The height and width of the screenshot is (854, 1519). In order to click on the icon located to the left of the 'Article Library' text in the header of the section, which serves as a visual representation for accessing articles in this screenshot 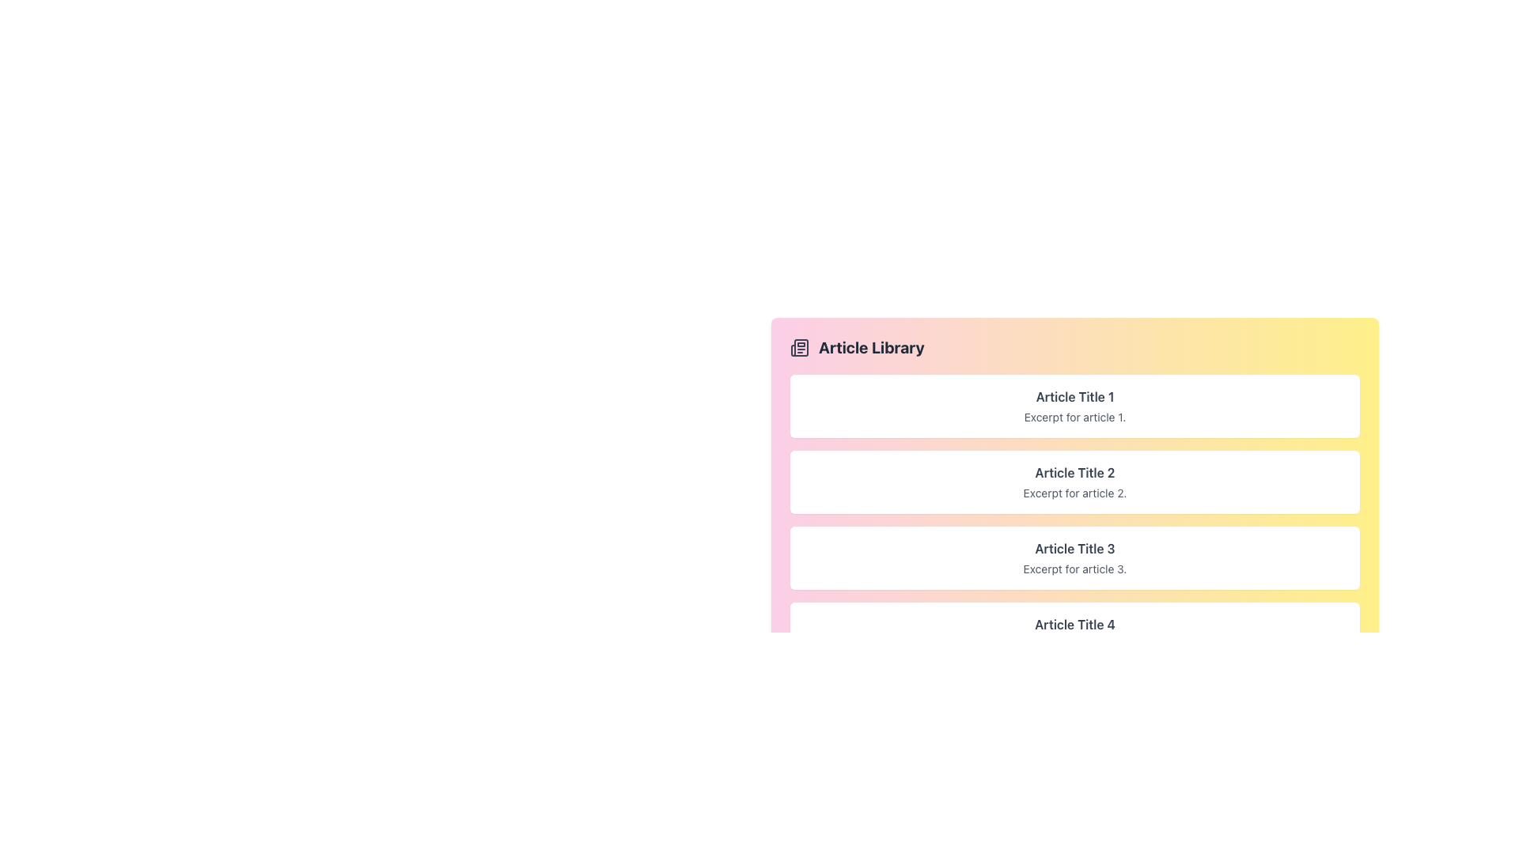, I will do `click(800, 346)`.